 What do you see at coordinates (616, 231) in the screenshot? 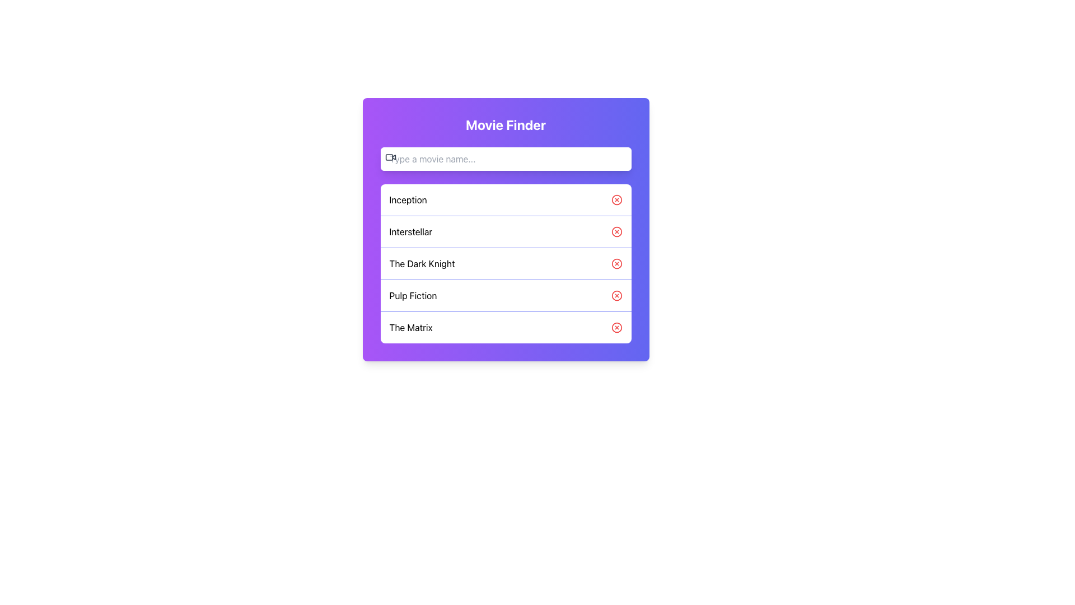
I see `the circular border of the red icon associated with the 'Interstellar' entry in the movie list` at bounding box center [616, 231].